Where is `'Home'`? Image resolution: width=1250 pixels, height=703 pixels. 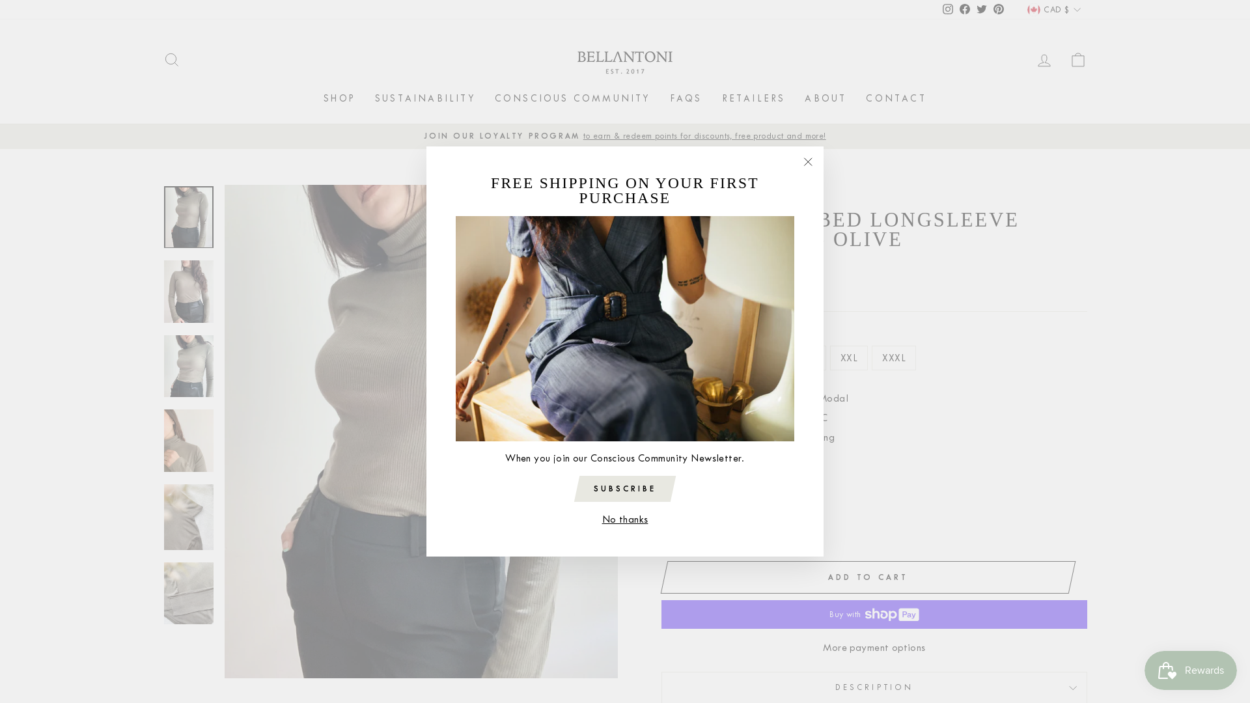
'Home' is located at coordinates (672, 197).